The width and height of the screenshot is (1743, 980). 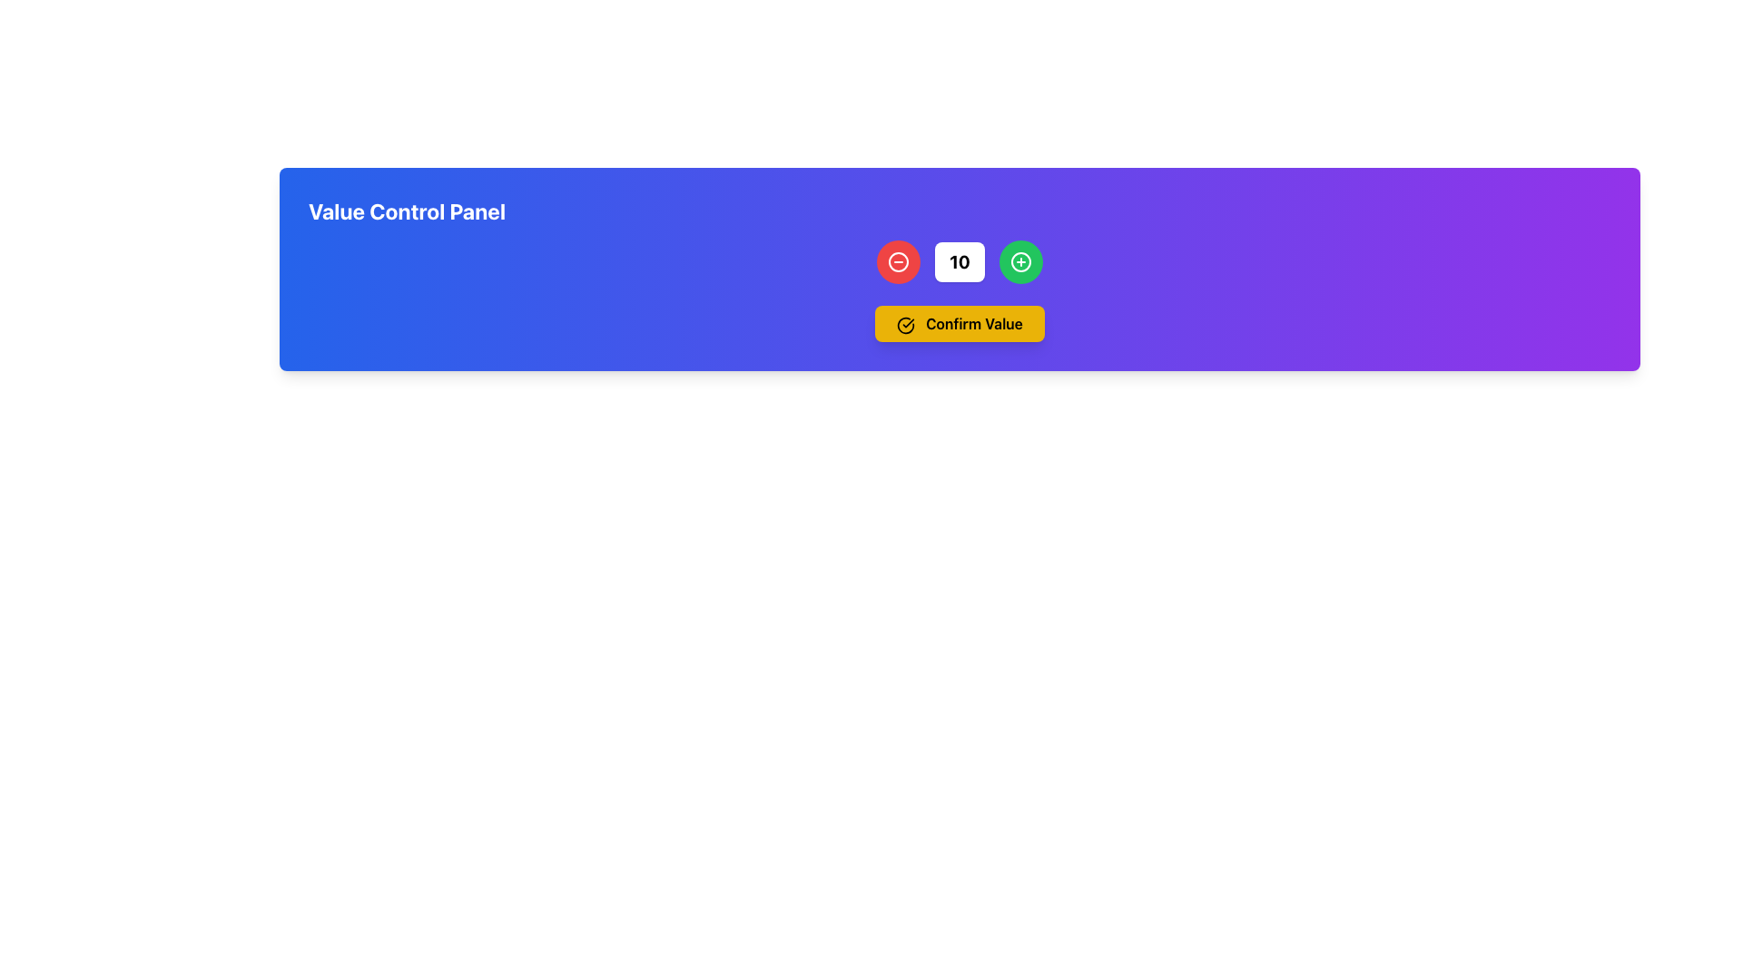 I want to click on the circular green button with a plus symbol, which is the third item in the horizontal panel of control buttons, so click(x=1020, y=262).